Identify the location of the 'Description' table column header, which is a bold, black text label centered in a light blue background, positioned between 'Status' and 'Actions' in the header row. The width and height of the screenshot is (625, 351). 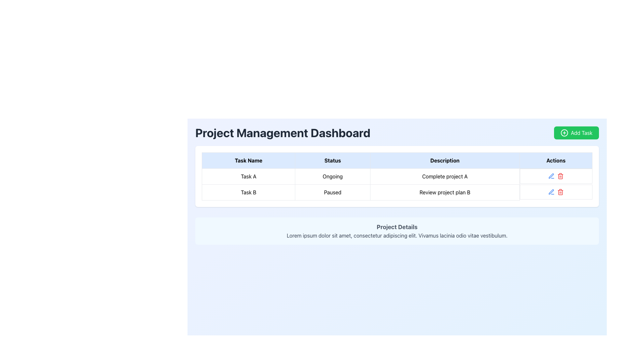
(444, 160).